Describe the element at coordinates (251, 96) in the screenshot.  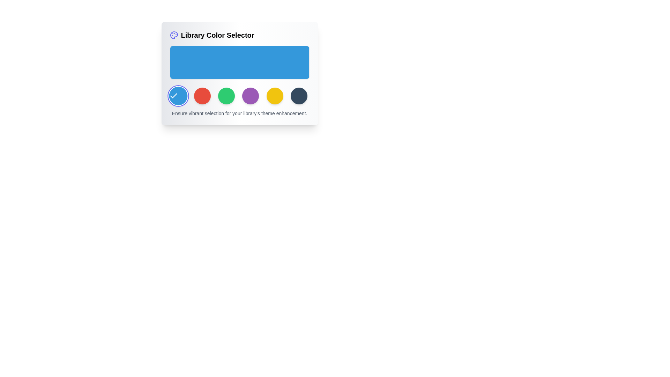
I see `the fifth button in the color selector interface` at that location.